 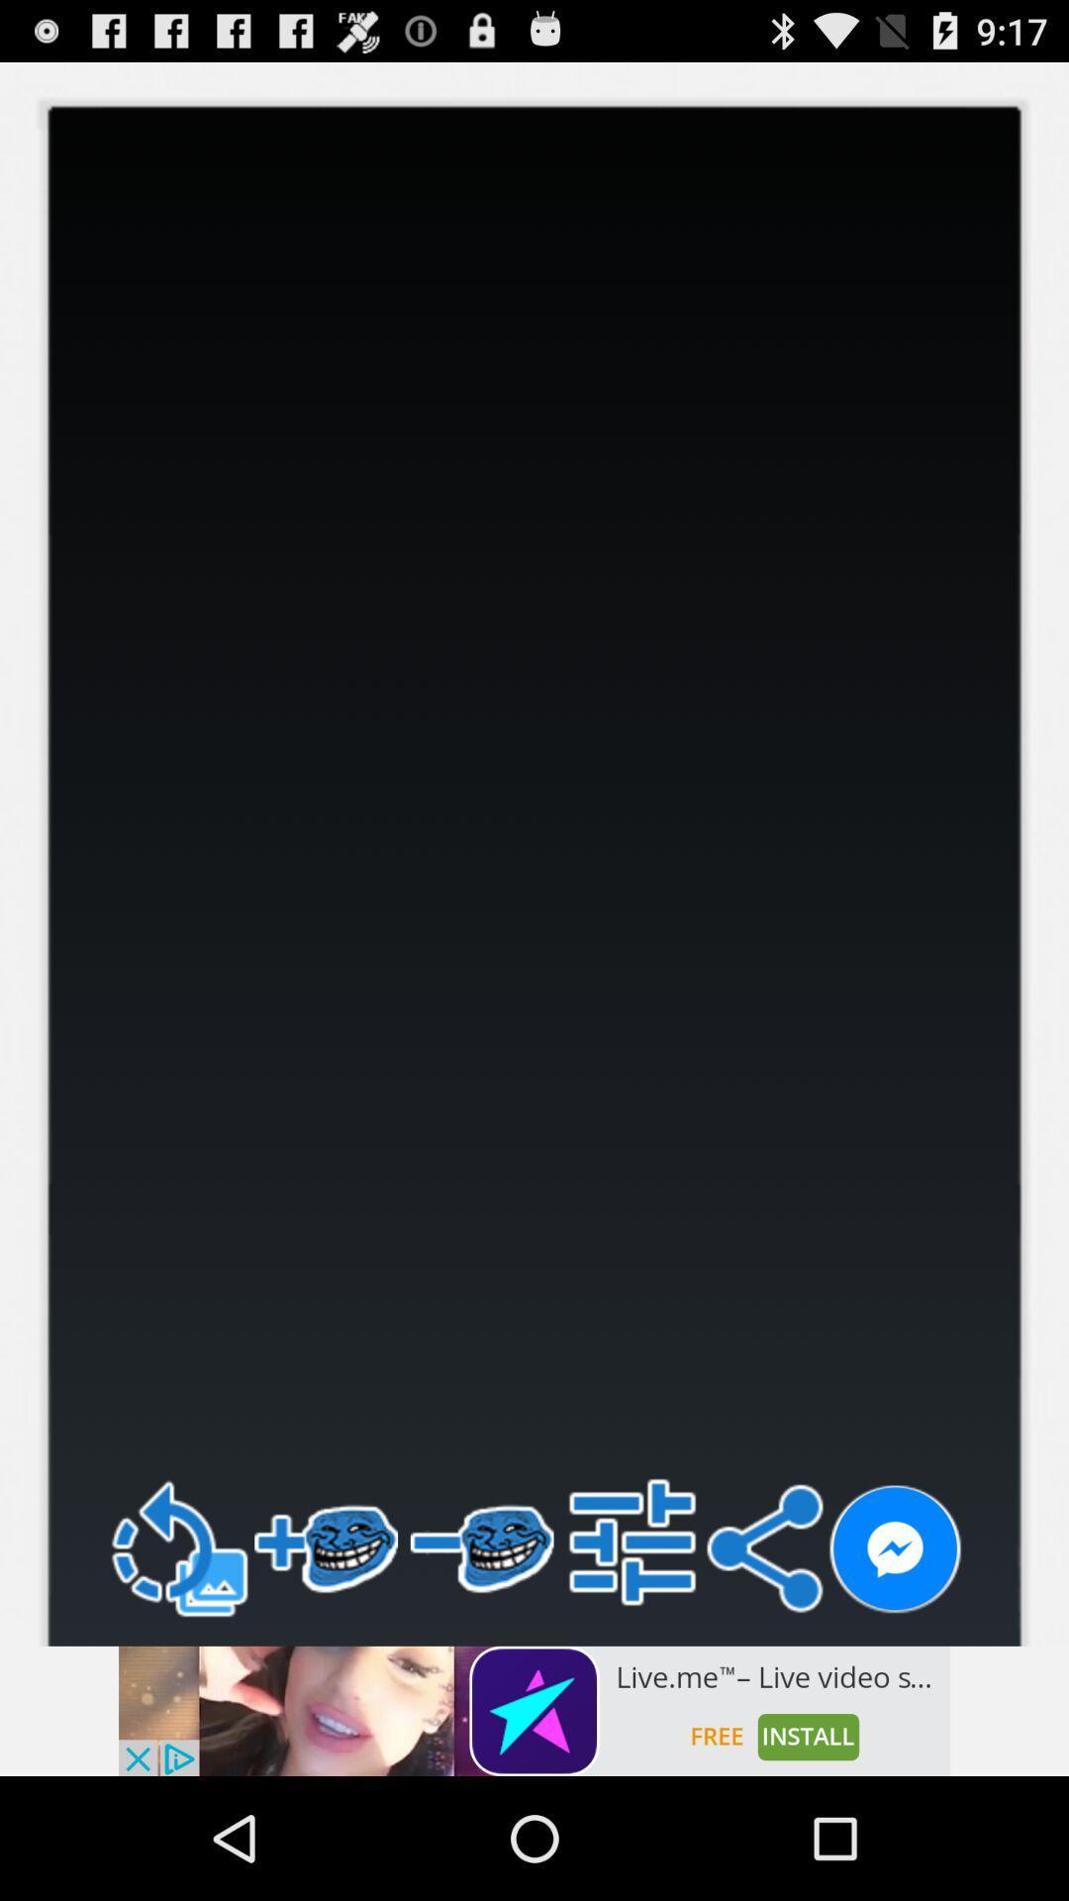 What do you see at coordinates (895, 1549) in the screenshot?
I see `switch autoplay option` at bounding box center [895, 1549].